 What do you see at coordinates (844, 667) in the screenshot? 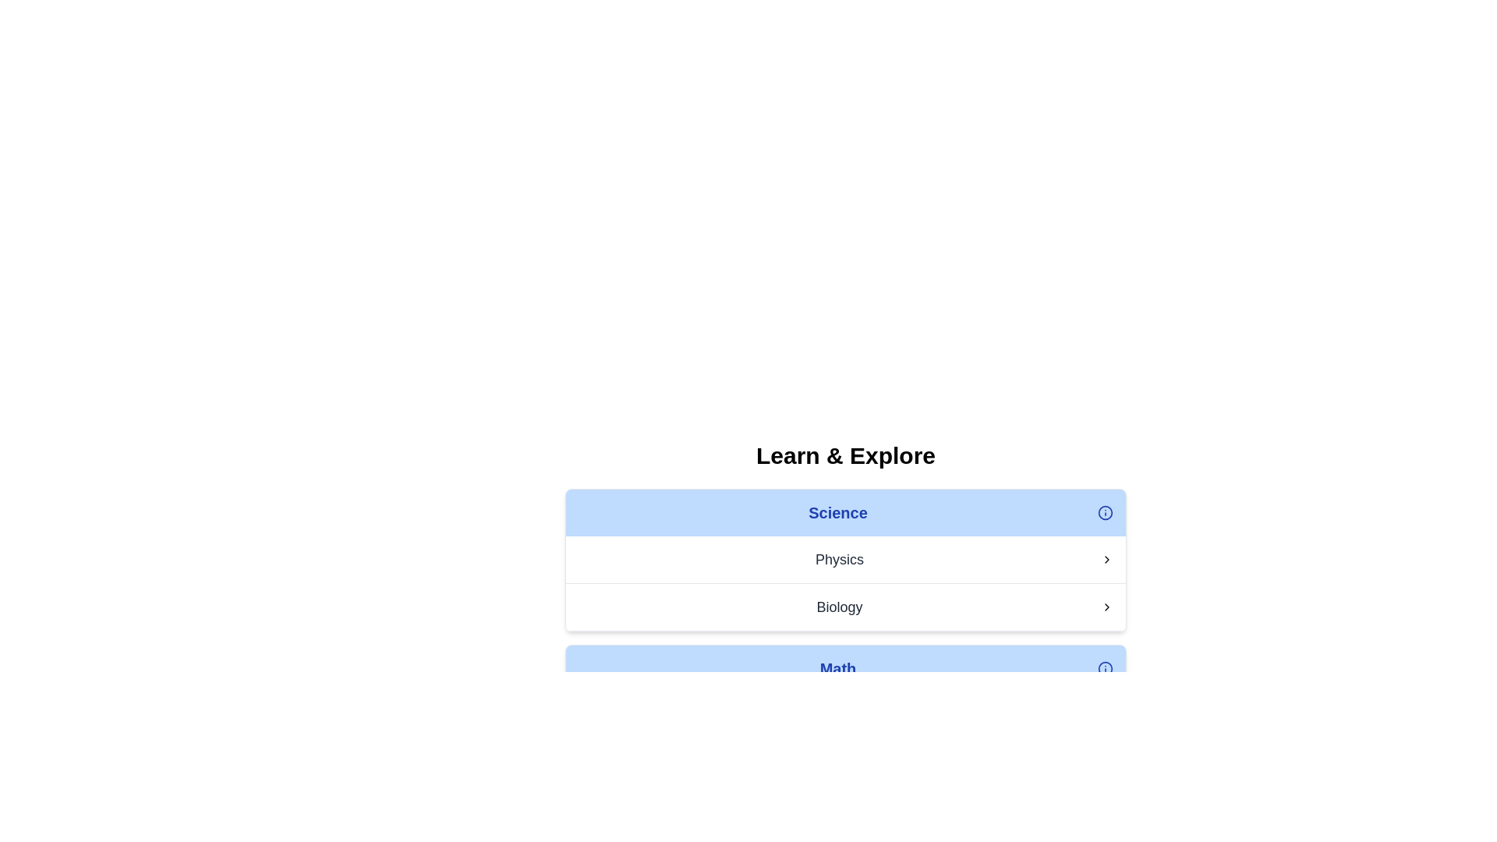
I see `the 'Math' button which has a blue background and white text` at bounding box center [844, 667].